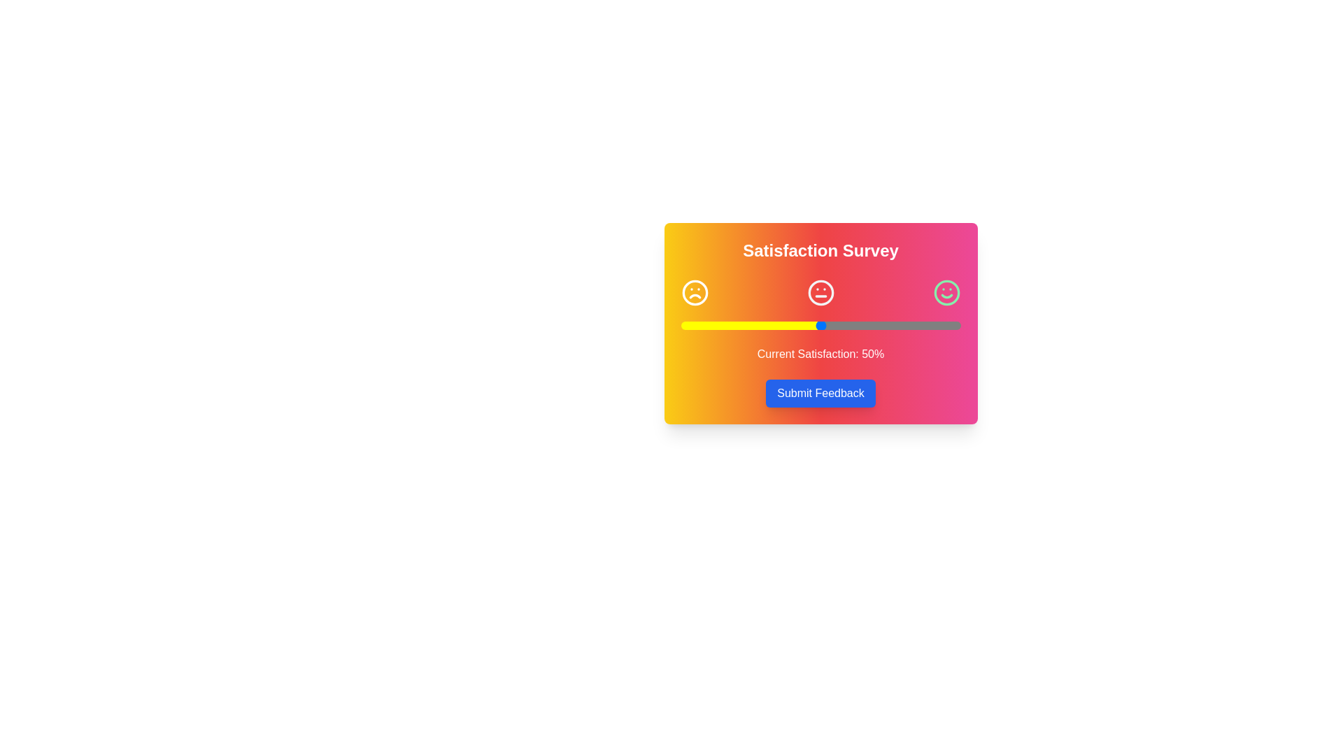 The height and width of the screenshot is (755, 1343). What do you see at coordinates (902, 326) in the screenshot?
I see `the slider to 79% satisfaction` at bounding box center [902, 326].